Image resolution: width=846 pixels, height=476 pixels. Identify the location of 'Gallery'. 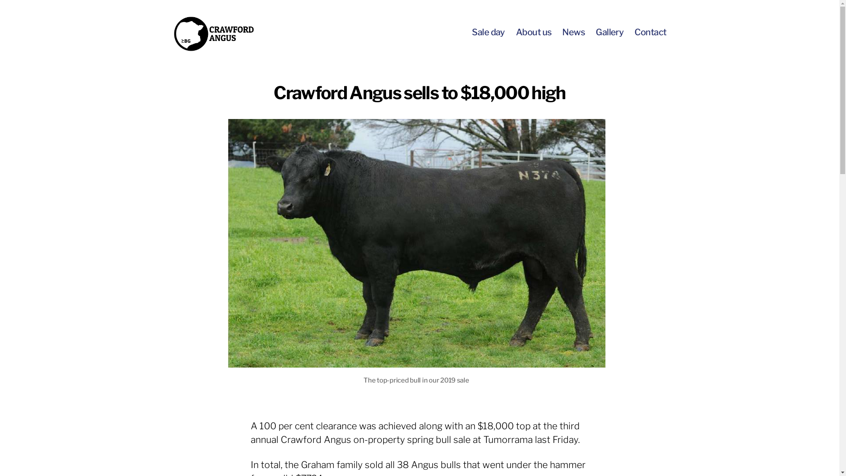
(609, 32).